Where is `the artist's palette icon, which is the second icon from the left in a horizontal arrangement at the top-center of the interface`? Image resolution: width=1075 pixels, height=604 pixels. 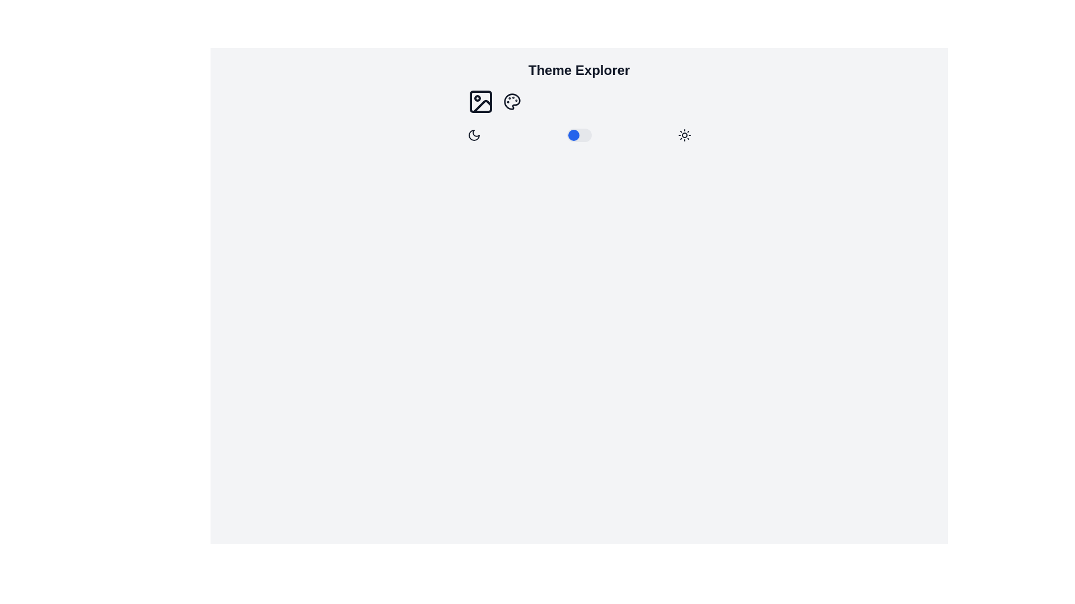
the artist's palette icon, which is the second icon from the left in a horizontal arrangement at the top-center of the interface is located at coordinates (511, 101).